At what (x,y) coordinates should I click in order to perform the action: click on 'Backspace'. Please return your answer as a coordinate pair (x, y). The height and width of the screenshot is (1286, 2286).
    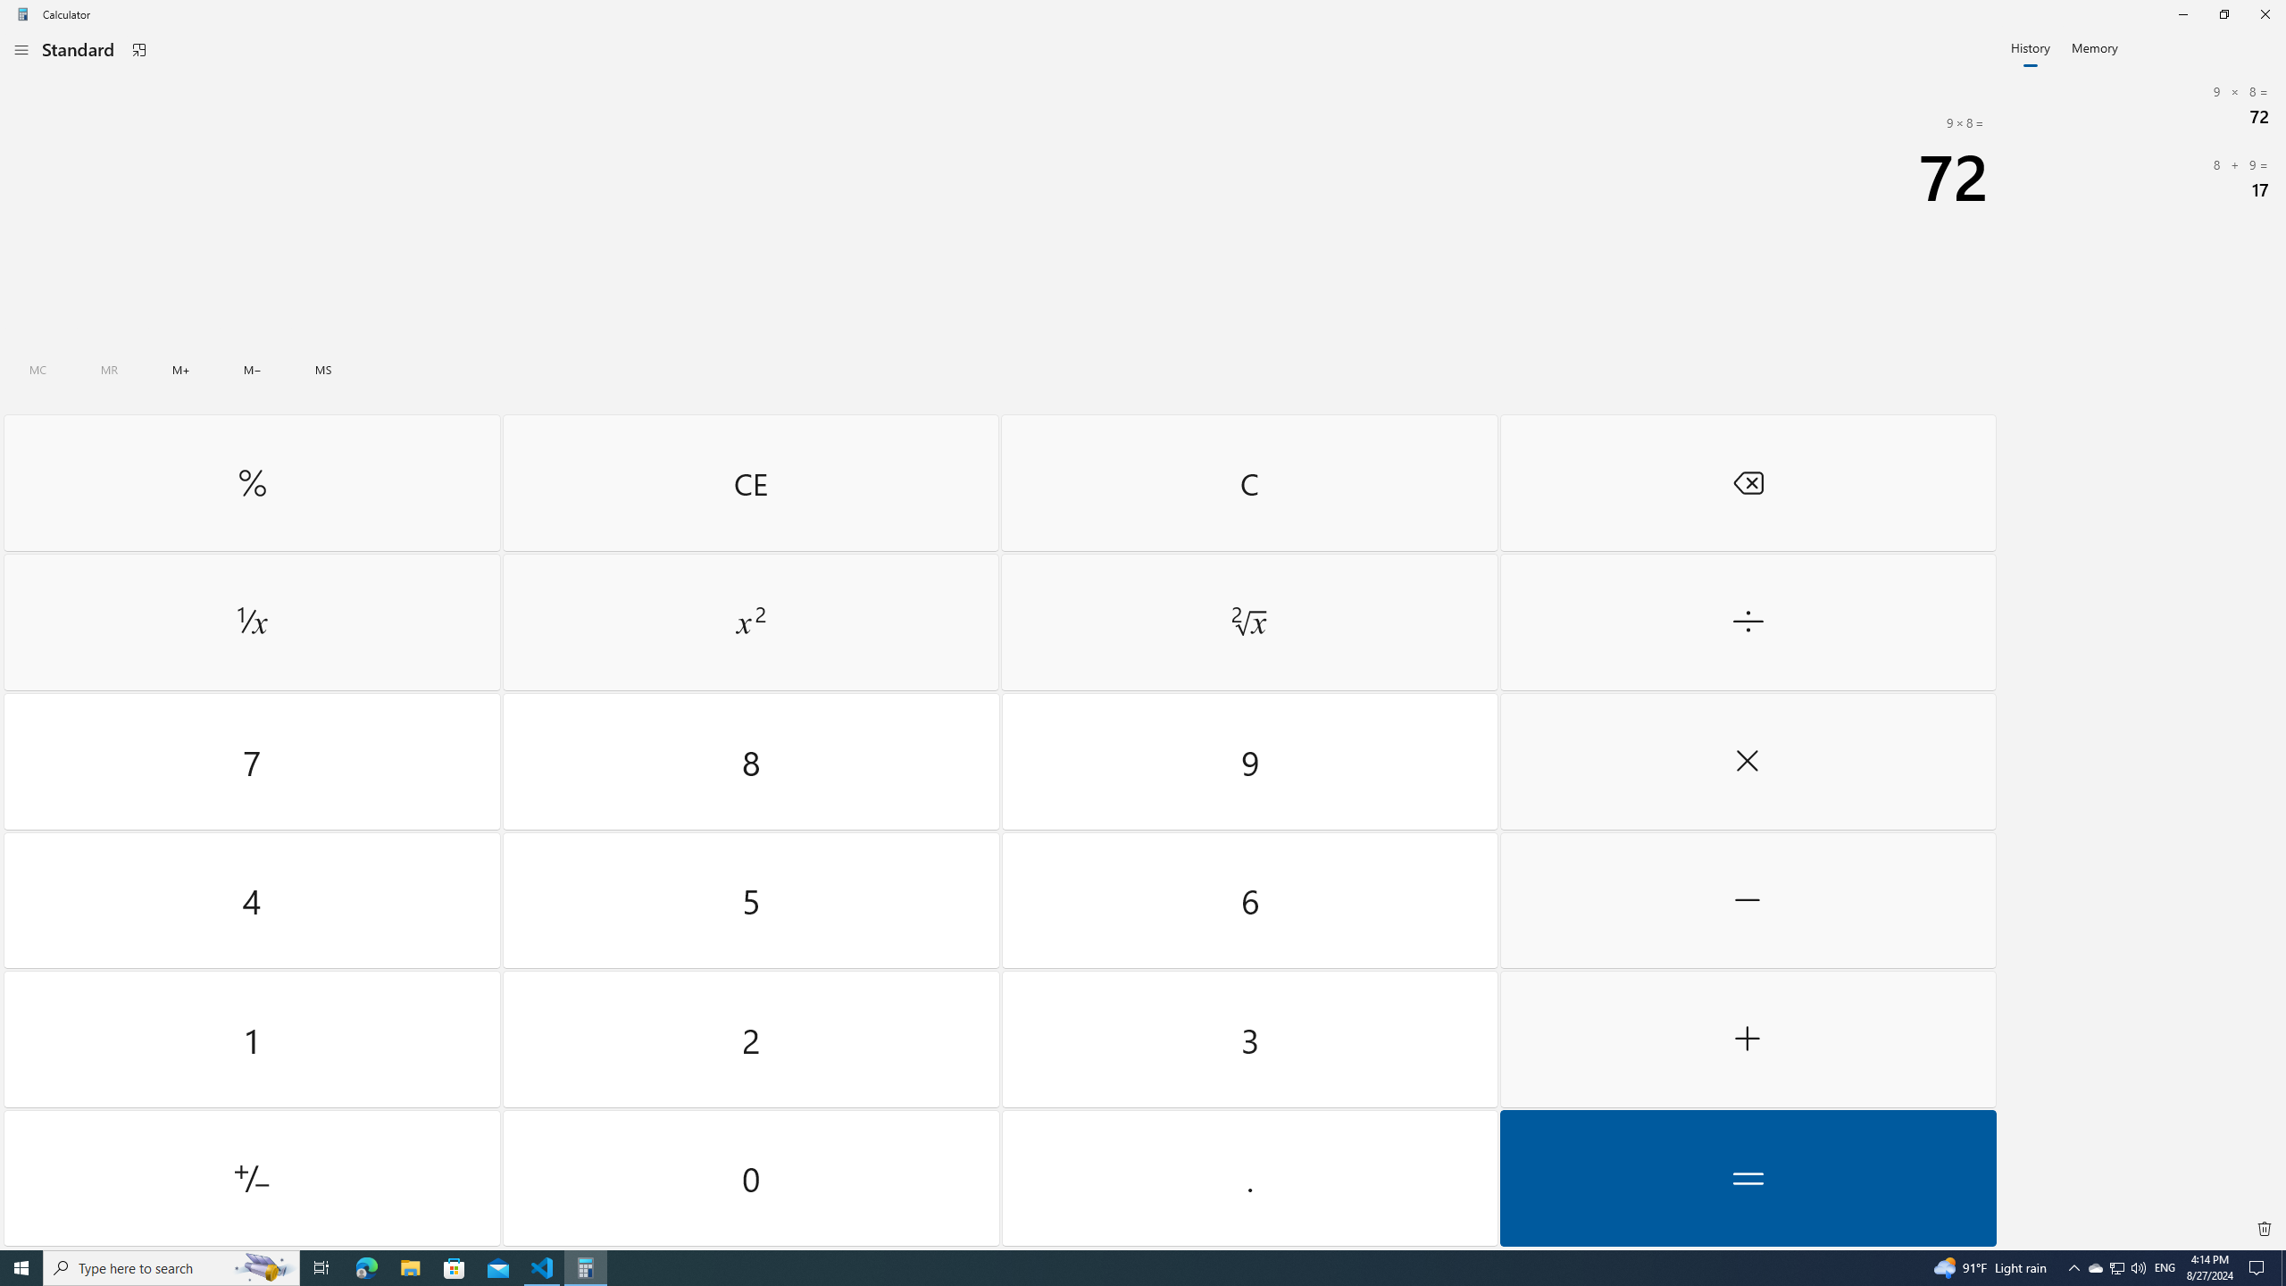
    Looking at the image, I should click on (1747, 482).